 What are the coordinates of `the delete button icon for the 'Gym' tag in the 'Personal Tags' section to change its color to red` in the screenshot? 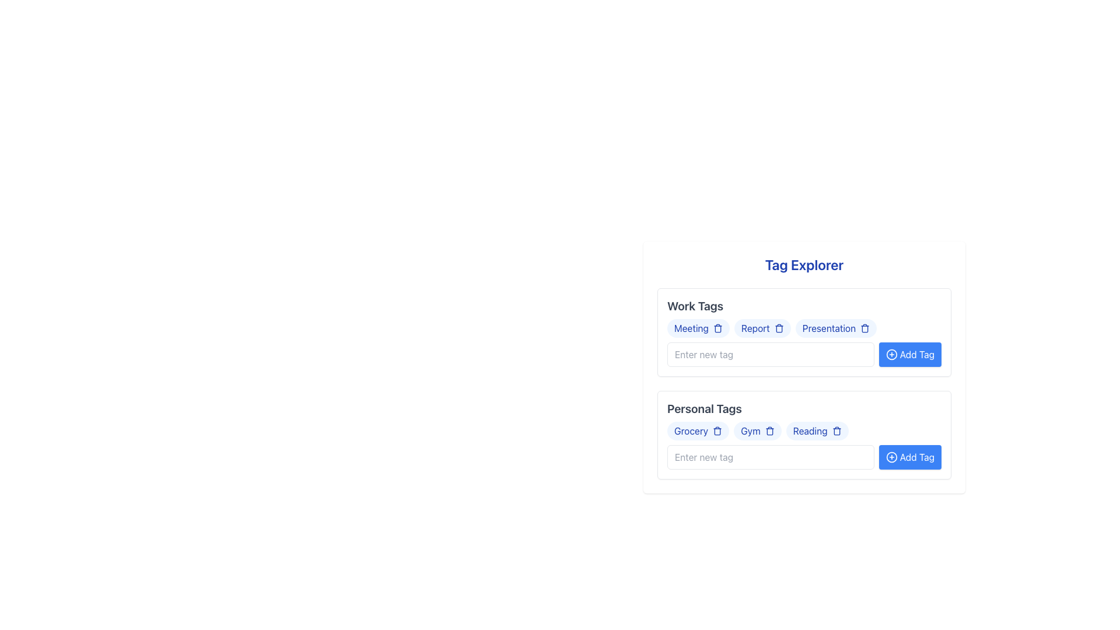 It's located at (769, 431).